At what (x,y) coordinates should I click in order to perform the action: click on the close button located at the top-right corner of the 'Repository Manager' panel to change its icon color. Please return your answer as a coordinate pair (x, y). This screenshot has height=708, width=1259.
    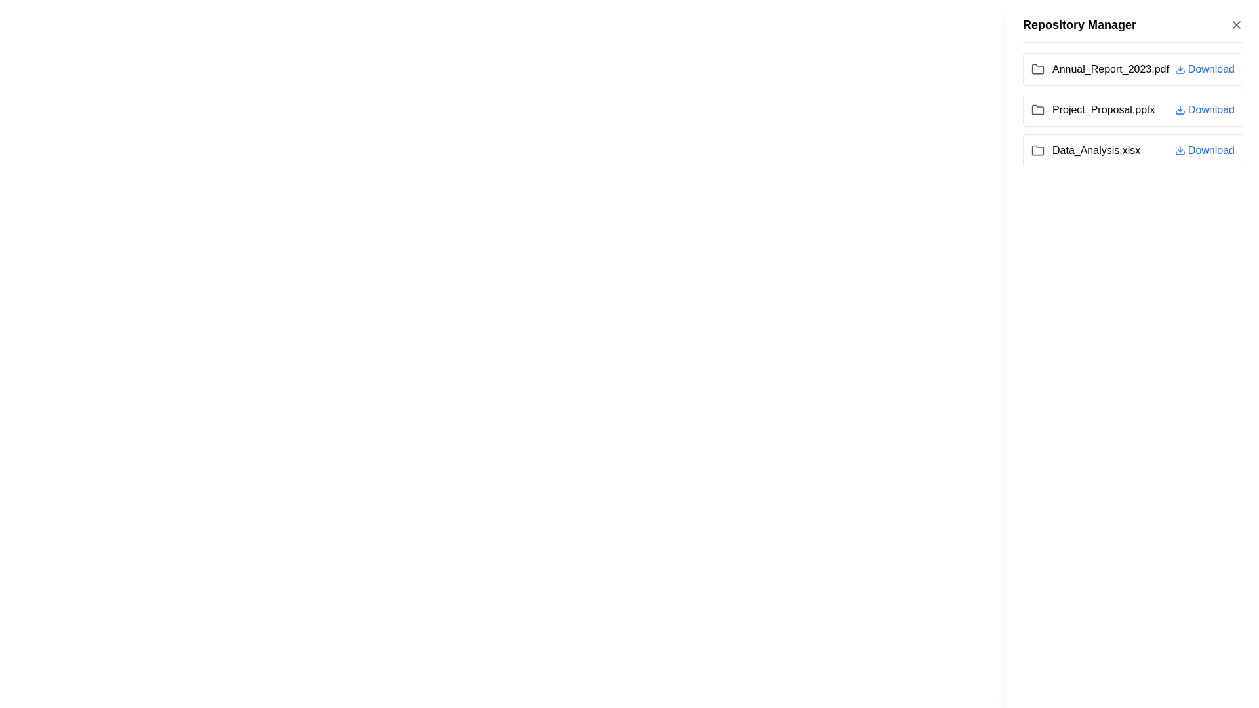
    Looking at the image, I should click on (1236, 25).